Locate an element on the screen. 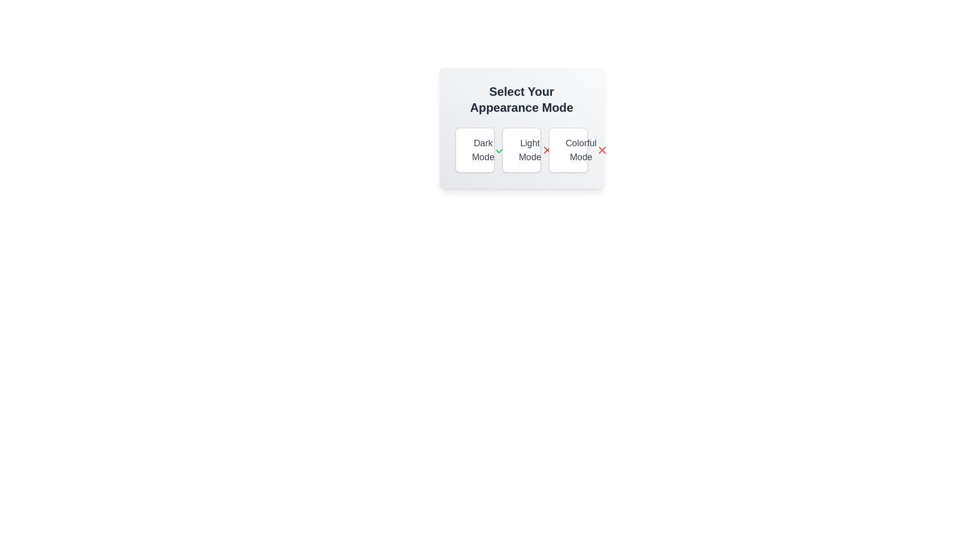  the appearance mode Light Mode by clicking on its respective button is located at coordinates (521, 150).